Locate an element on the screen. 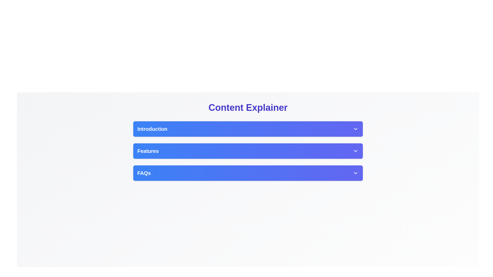 Image resolution: width=493 pixels, height=277 pixels. the Static label containing the word 'Introduction', which is styled in a larger bold font and is positioned inside a blue gradient background card, aligned towards the left is located at coordinates (152, 128).